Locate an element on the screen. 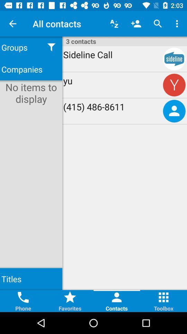  the icon below groups item is located at coordinates (31, 69).